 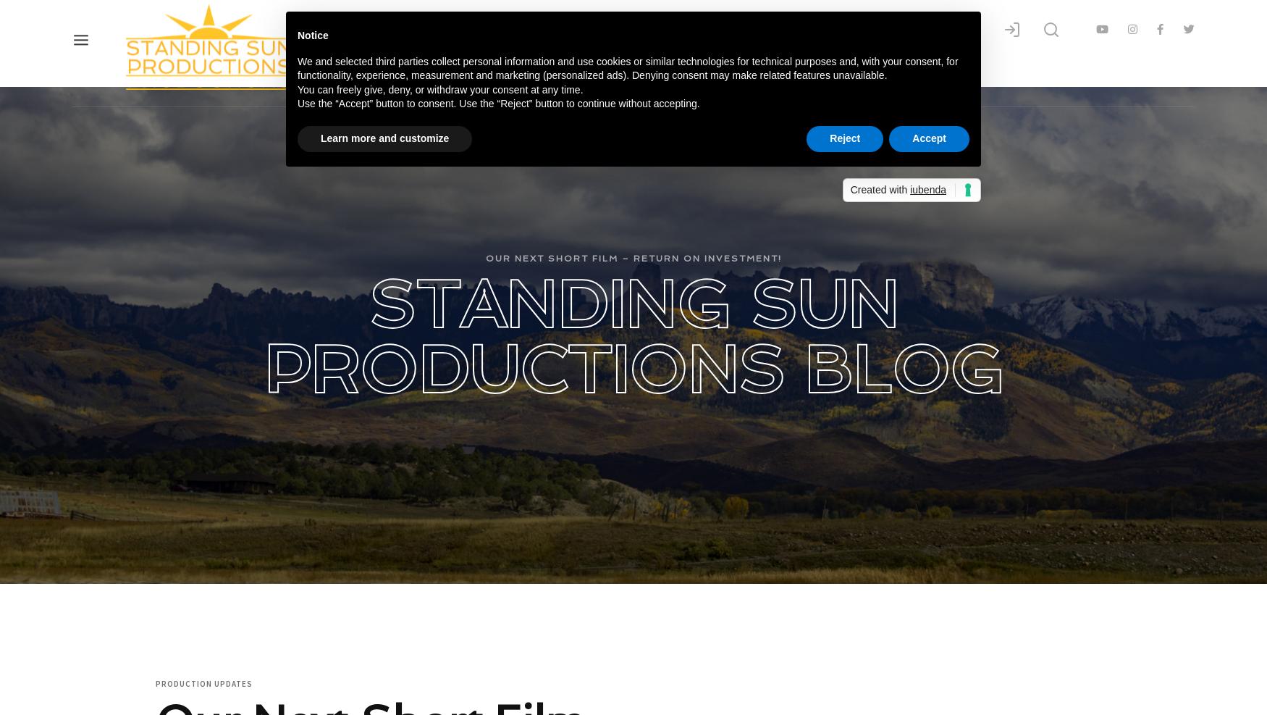 What do you see at coordinates (633, 335) in the screenshot?
I see `'Standing Sun Productions Blog'` at bounding box center [633, 335].